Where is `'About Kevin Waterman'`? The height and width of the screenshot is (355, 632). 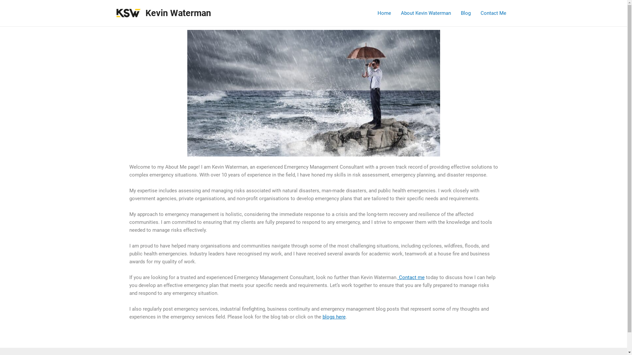 'About Kevin Waterman' is located at coordinates (425, 13).